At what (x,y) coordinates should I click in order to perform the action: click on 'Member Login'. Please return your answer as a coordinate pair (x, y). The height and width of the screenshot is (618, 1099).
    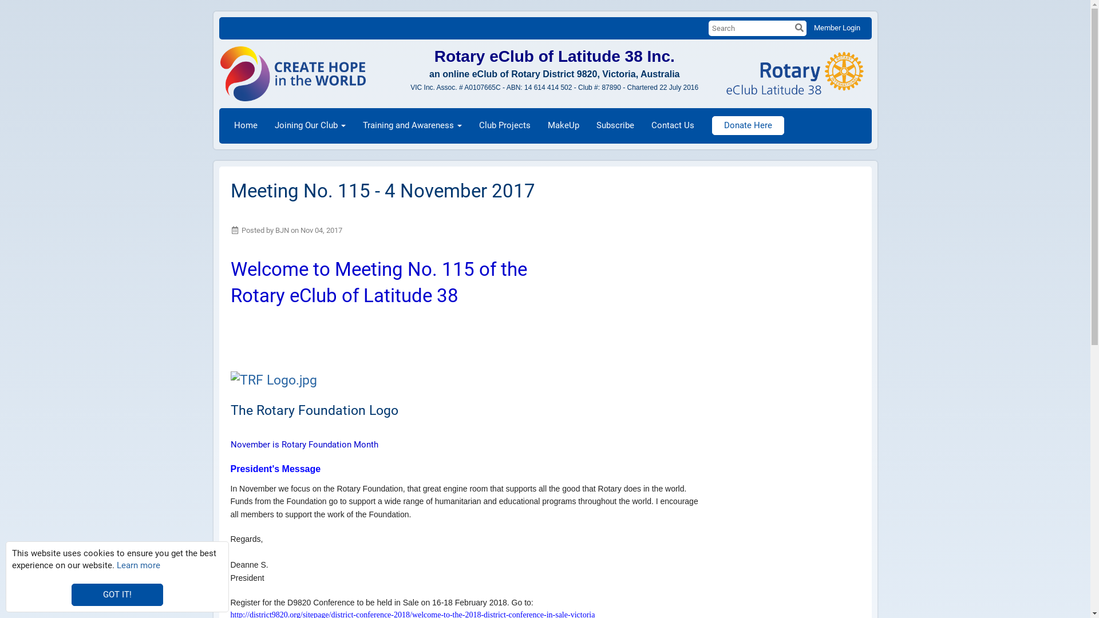
    Looking at the image, I should click on (837, 27).